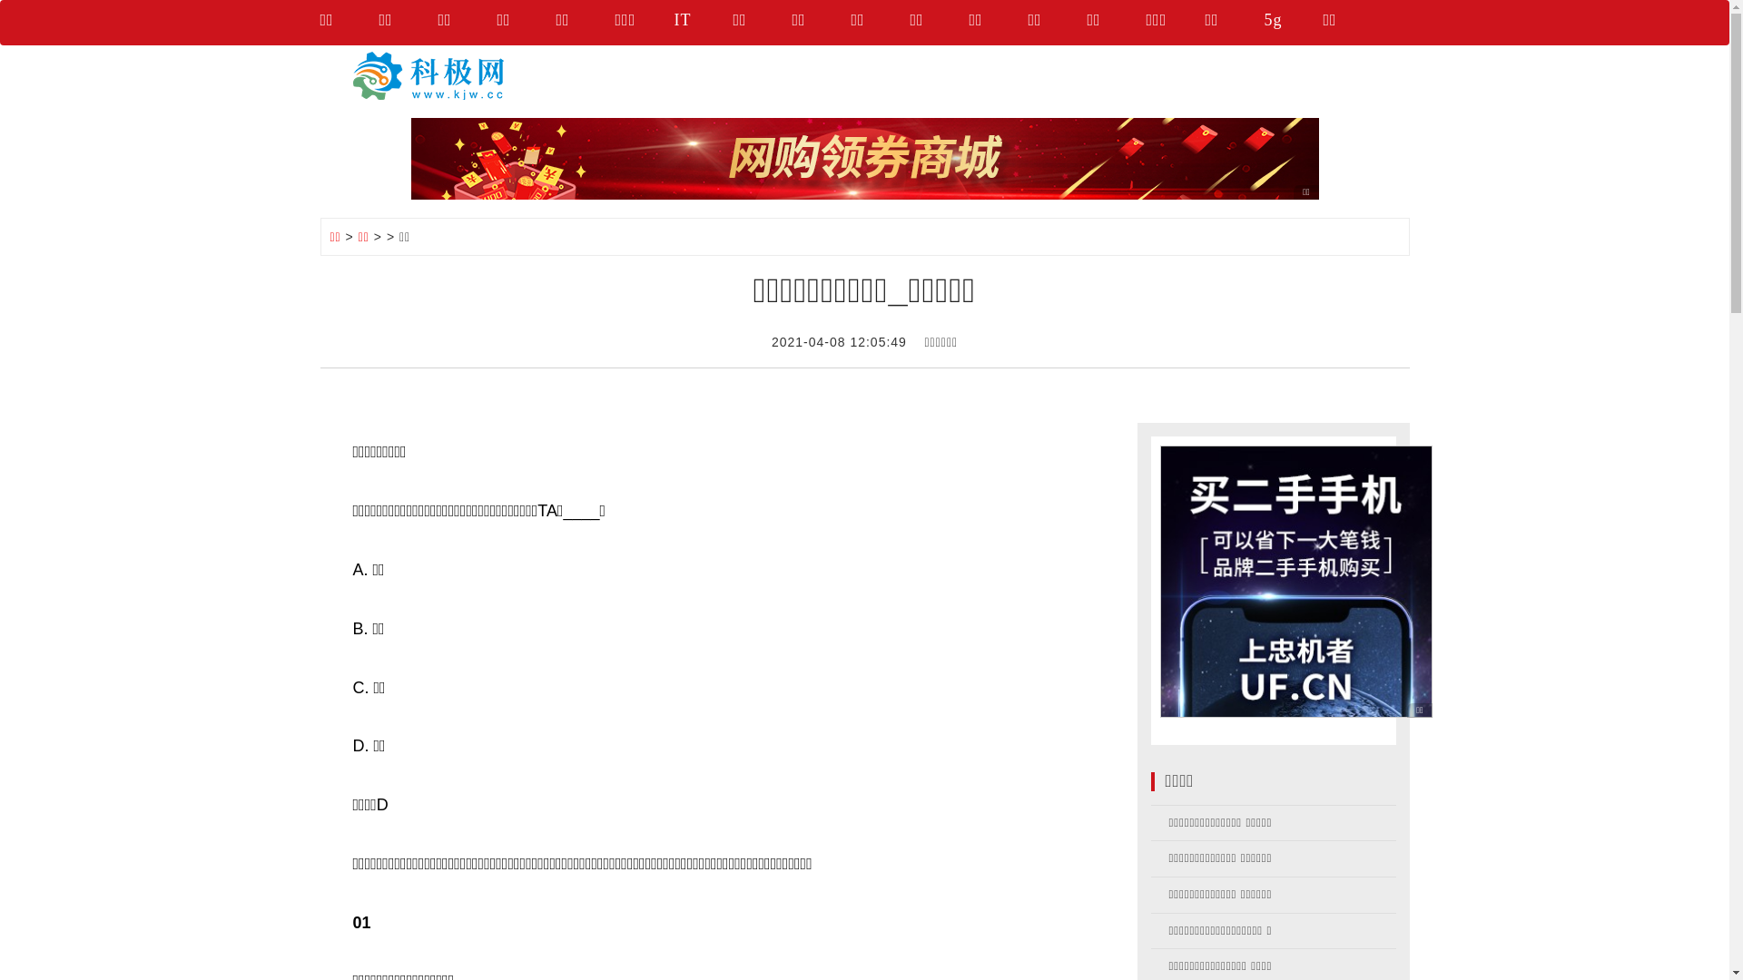  Describe the element at coordinates (702, 22) in the screenshot. I see `'IT'` at that location.